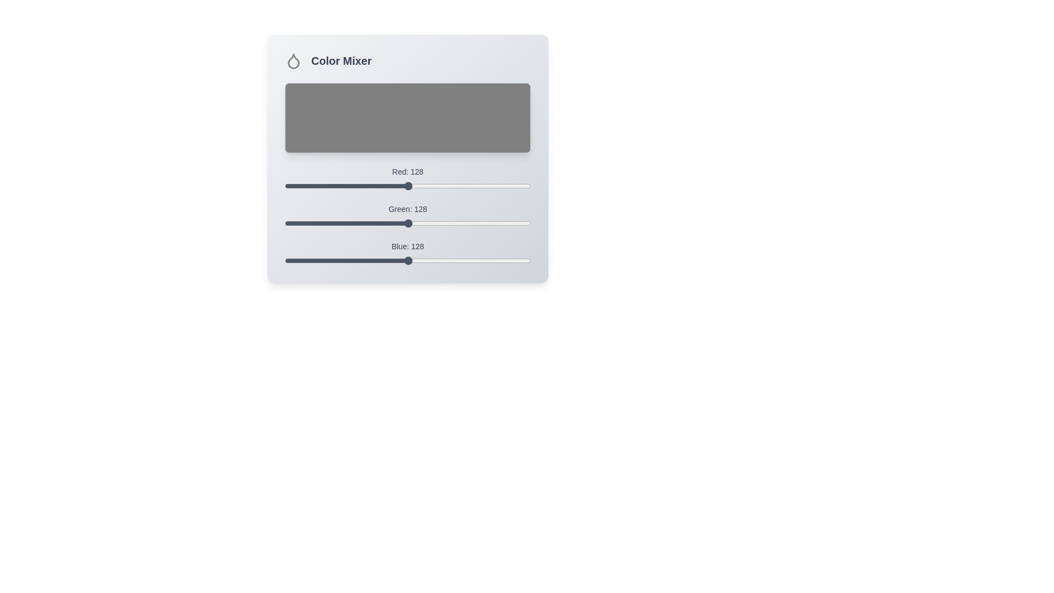 The image size is (1054, 593). I want to click on the 0 slider to 178, so click(456, 181).